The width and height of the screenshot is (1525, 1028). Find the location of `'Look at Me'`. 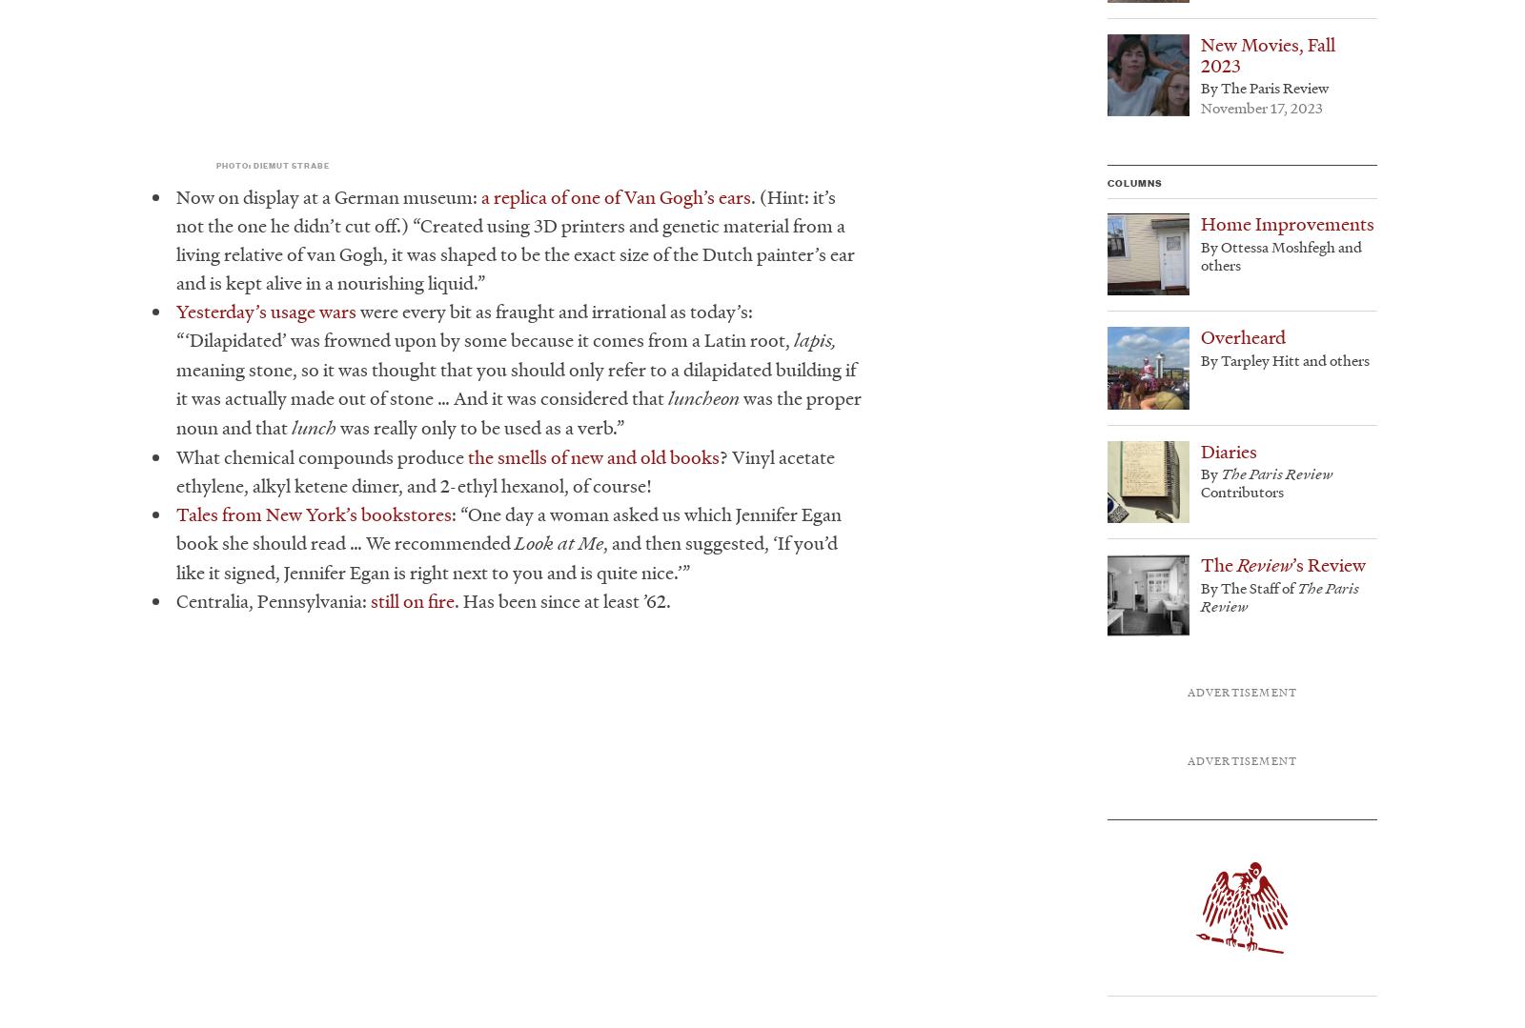

'Look at Me' is located at coordinates (558, 542).